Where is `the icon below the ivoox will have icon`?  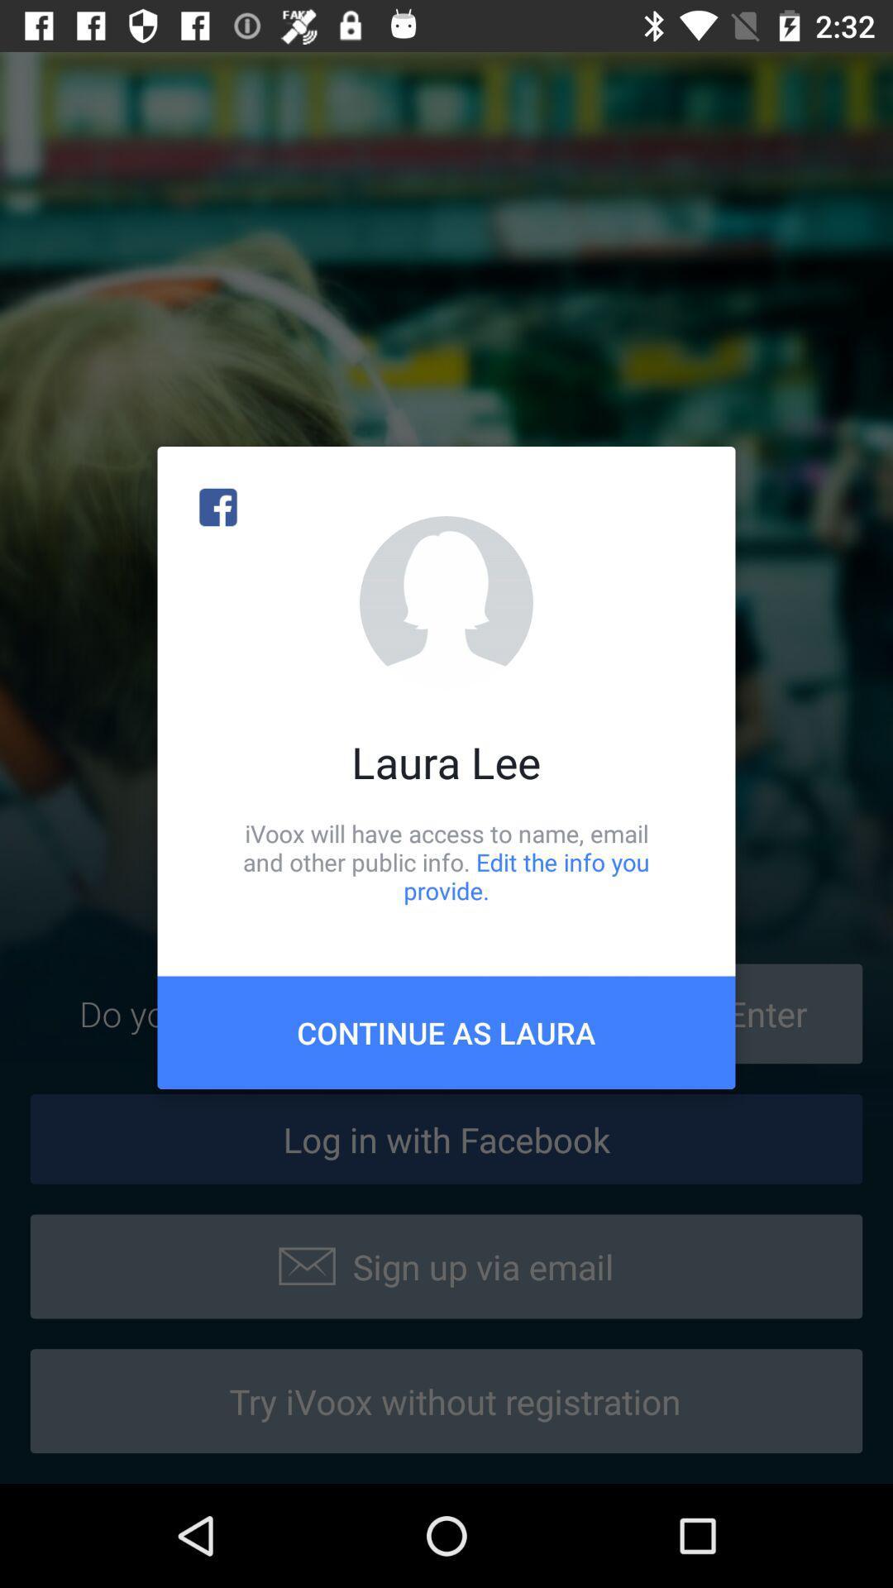
the icon below the ivoox will have icon is located at coordinates (446, 1031).